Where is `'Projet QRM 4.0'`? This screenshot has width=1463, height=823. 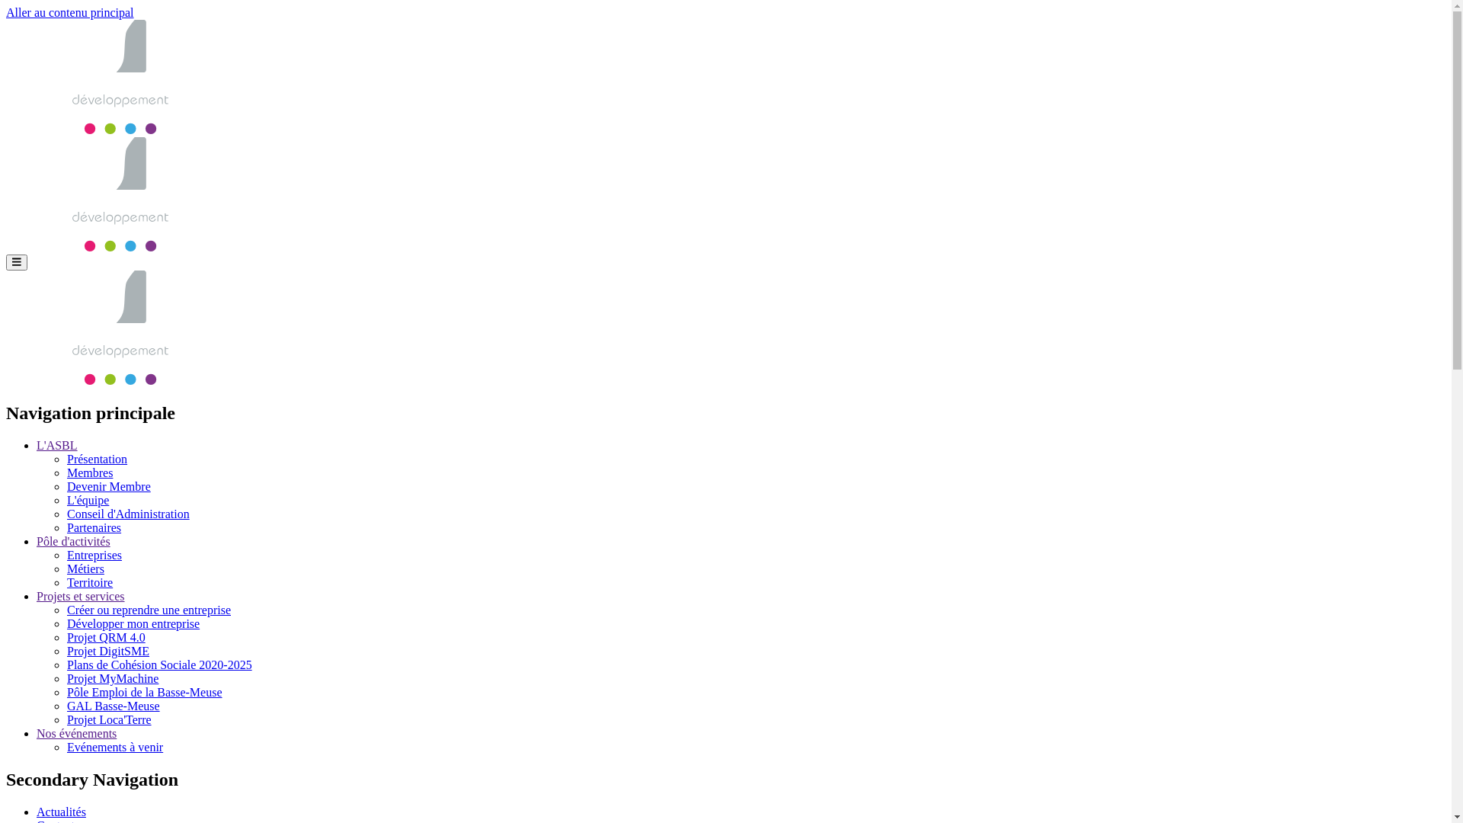 'Projet QRM 4.0' is located at coordinates (105, 637).